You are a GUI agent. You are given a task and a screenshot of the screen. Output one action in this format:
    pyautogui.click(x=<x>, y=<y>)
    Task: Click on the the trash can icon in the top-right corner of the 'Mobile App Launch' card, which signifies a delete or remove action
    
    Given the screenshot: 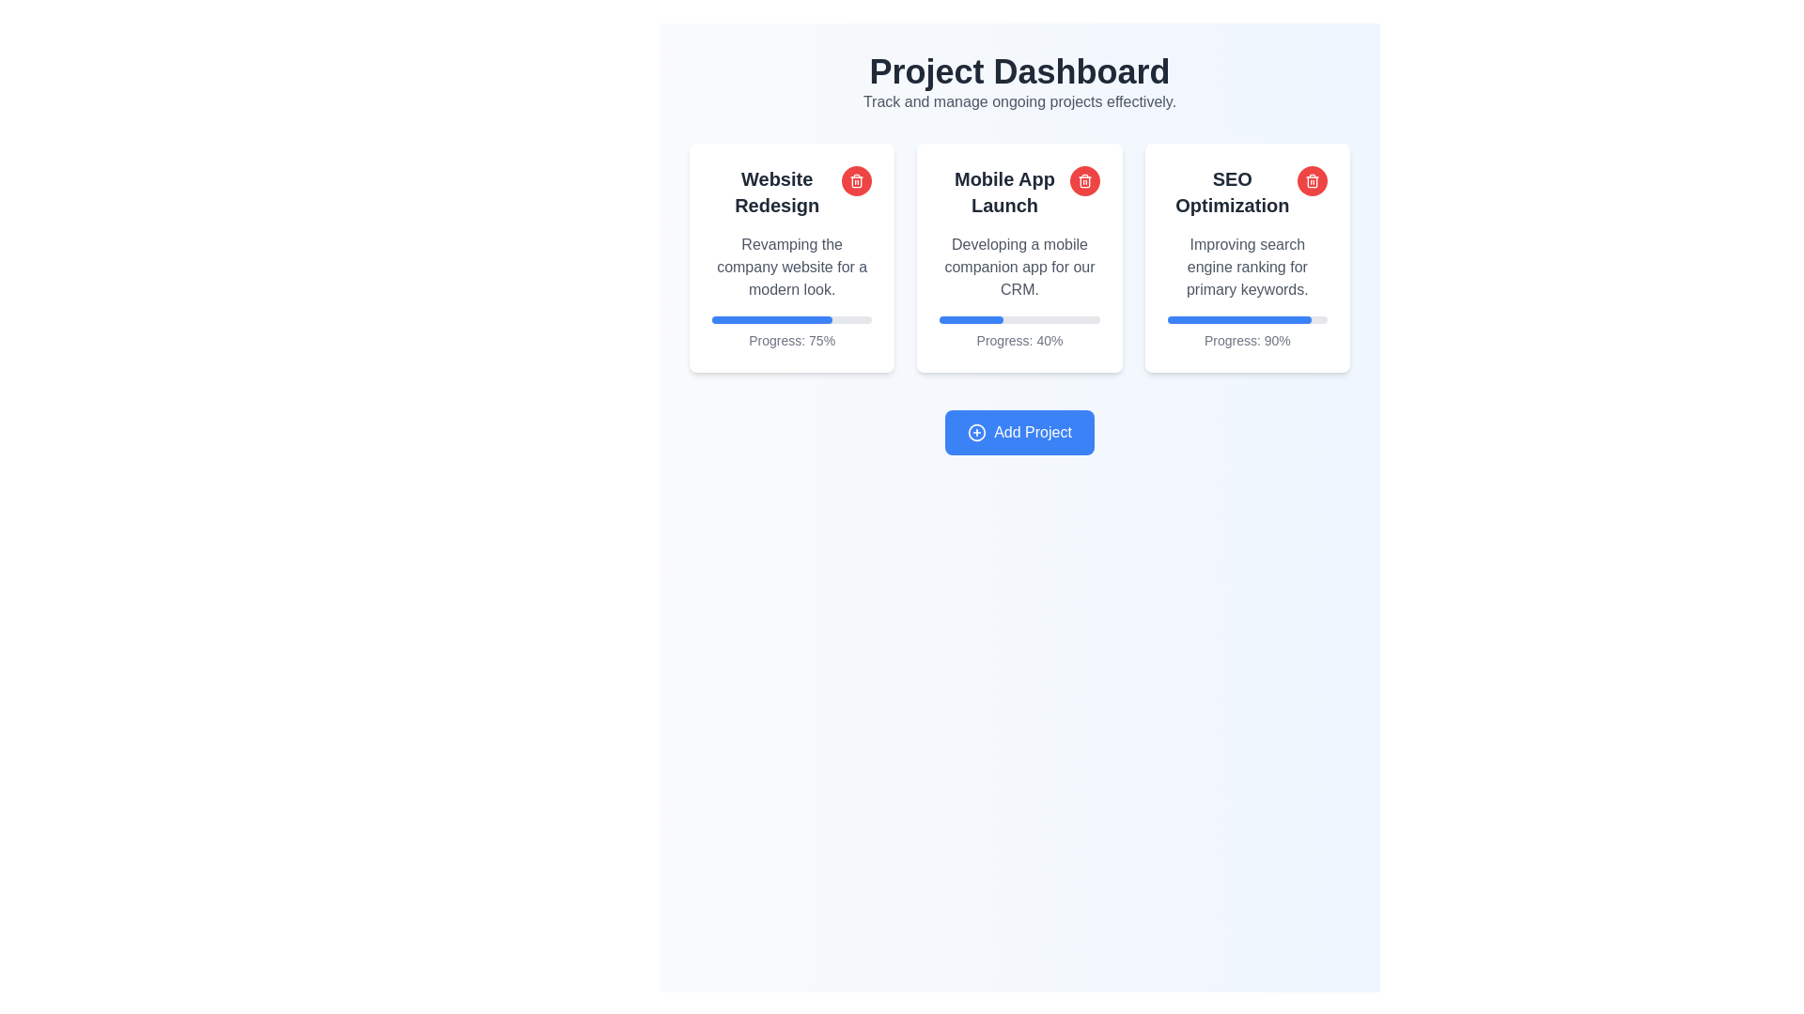 What is the action you would take?
    pyautogui.click(x=1084, y=182)
    